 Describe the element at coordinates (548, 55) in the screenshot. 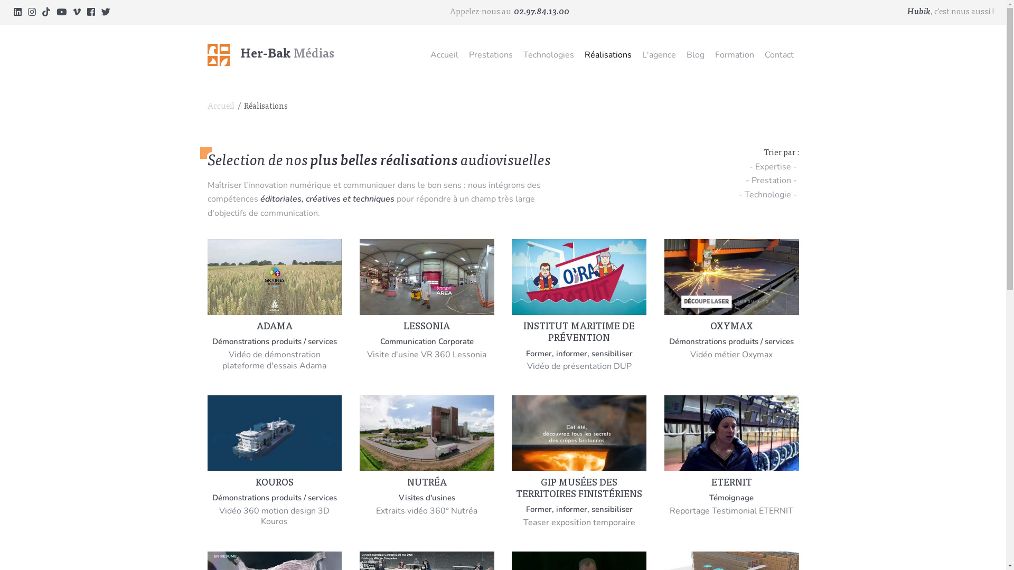

I see `'Technologies'` at that location.